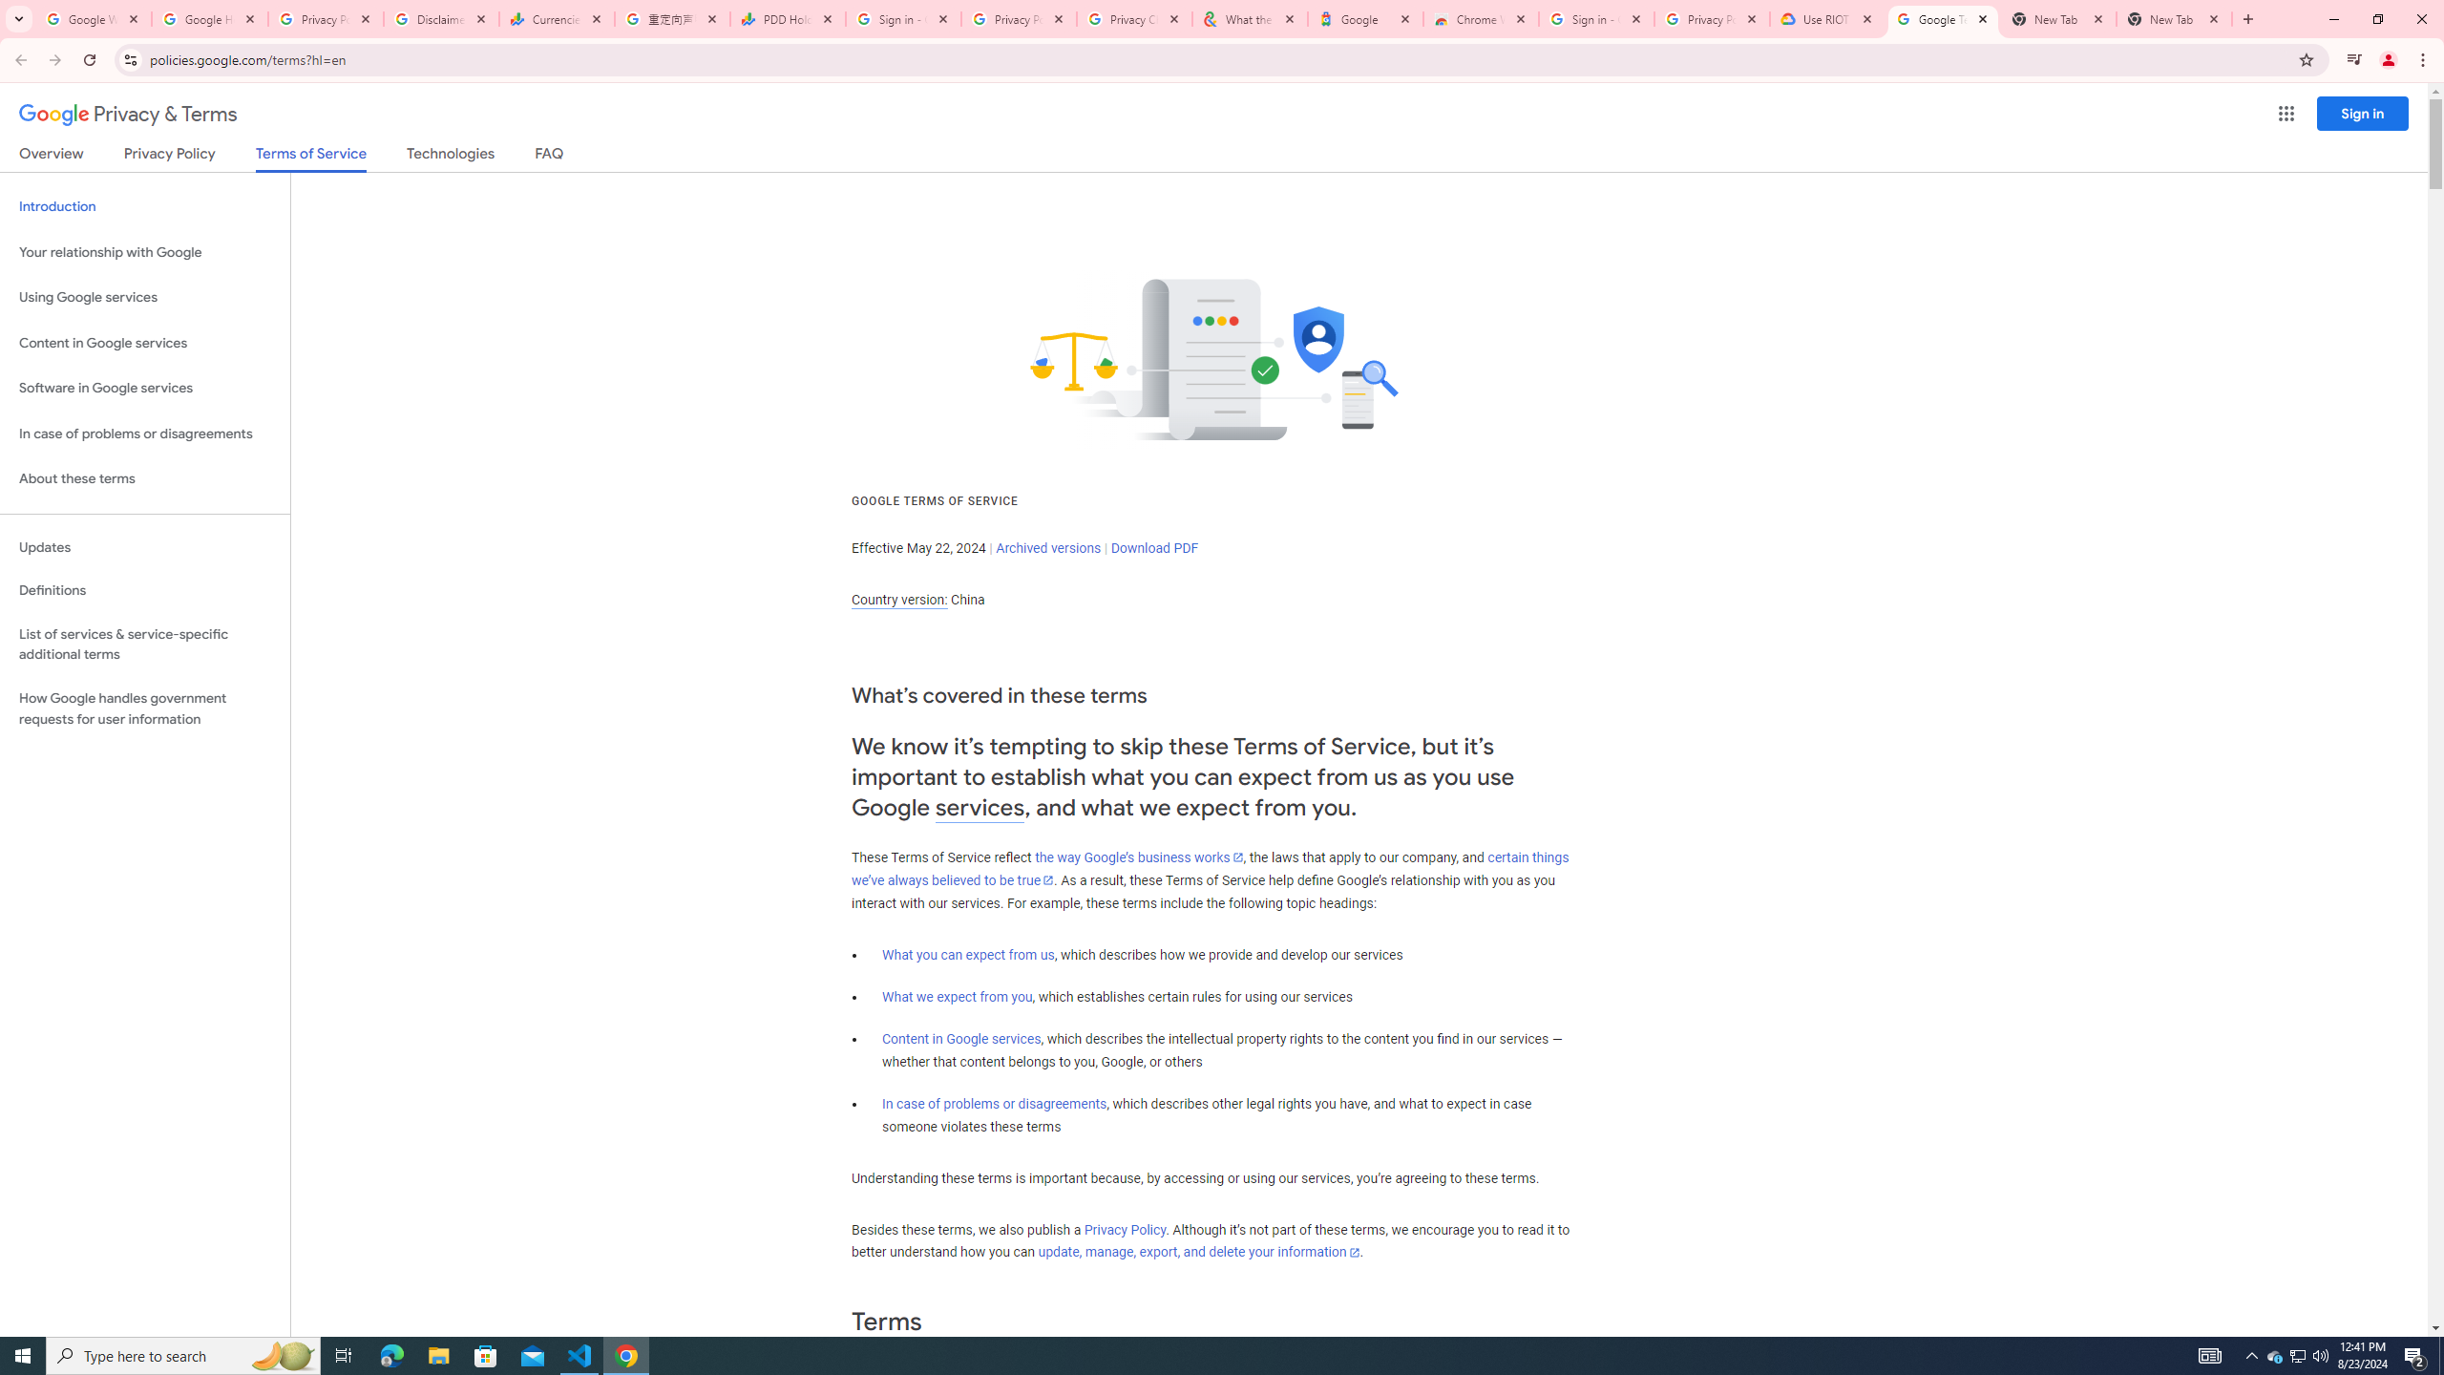 The width and height of the screenshot is (2444, 1375). I want to click on 'Privacy Checkup', so click(1132, 18).